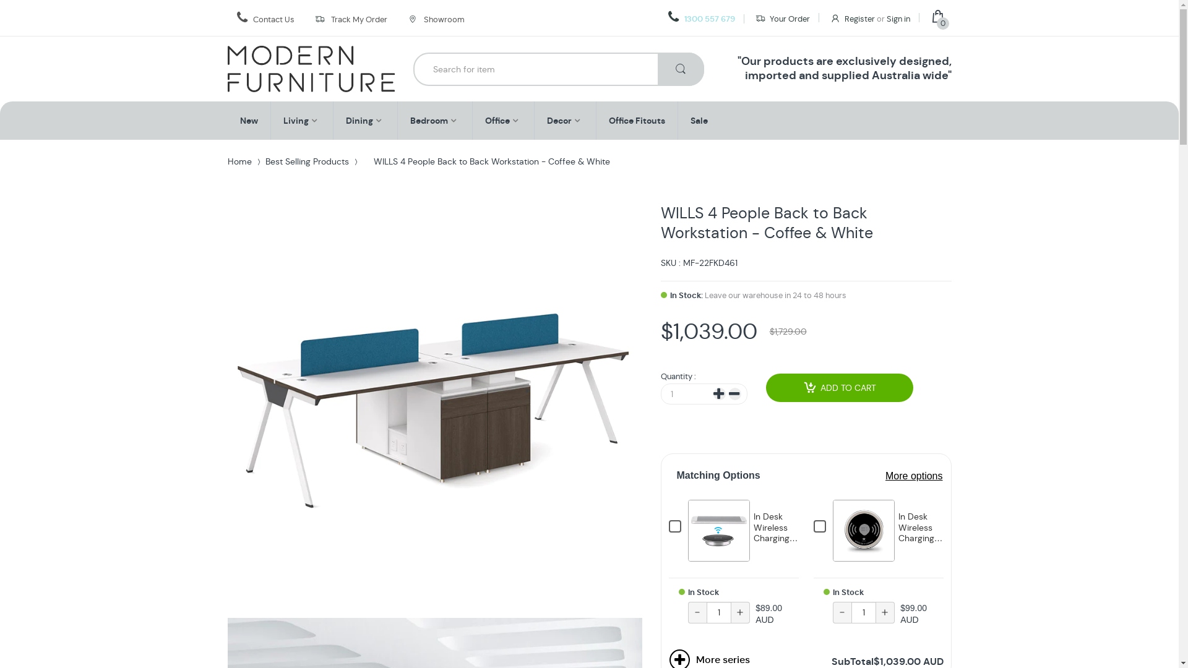  I want to click on 'Sign in', so click(897, 19).